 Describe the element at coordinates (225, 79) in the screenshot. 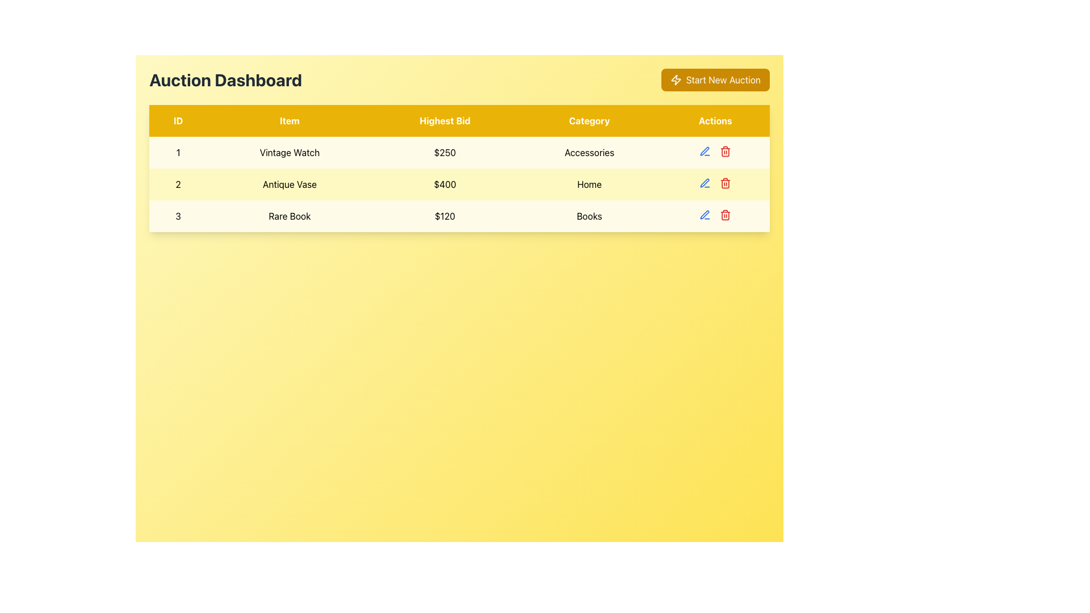

I see `the heading text 'This Text allows users to:'` at that location.